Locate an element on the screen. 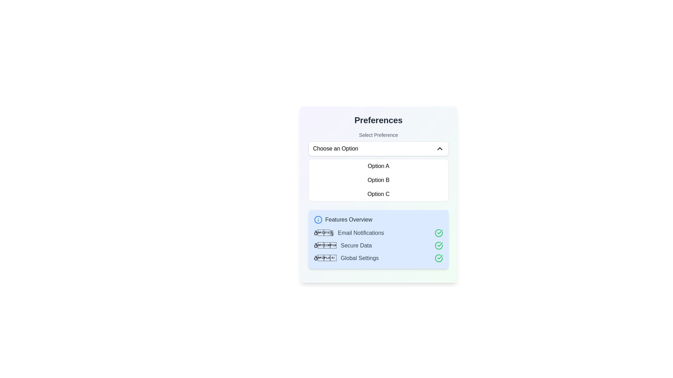 The image size is (673, 378). the second item in a vertical list of three options within the dropdown menu is located at coordinates (378, 180).